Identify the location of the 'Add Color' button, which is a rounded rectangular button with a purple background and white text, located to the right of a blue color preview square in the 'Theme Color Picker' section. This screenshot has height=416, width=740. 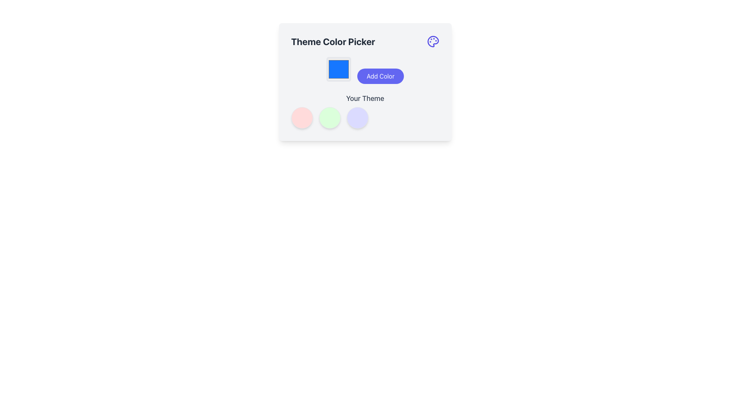
(365, 82).